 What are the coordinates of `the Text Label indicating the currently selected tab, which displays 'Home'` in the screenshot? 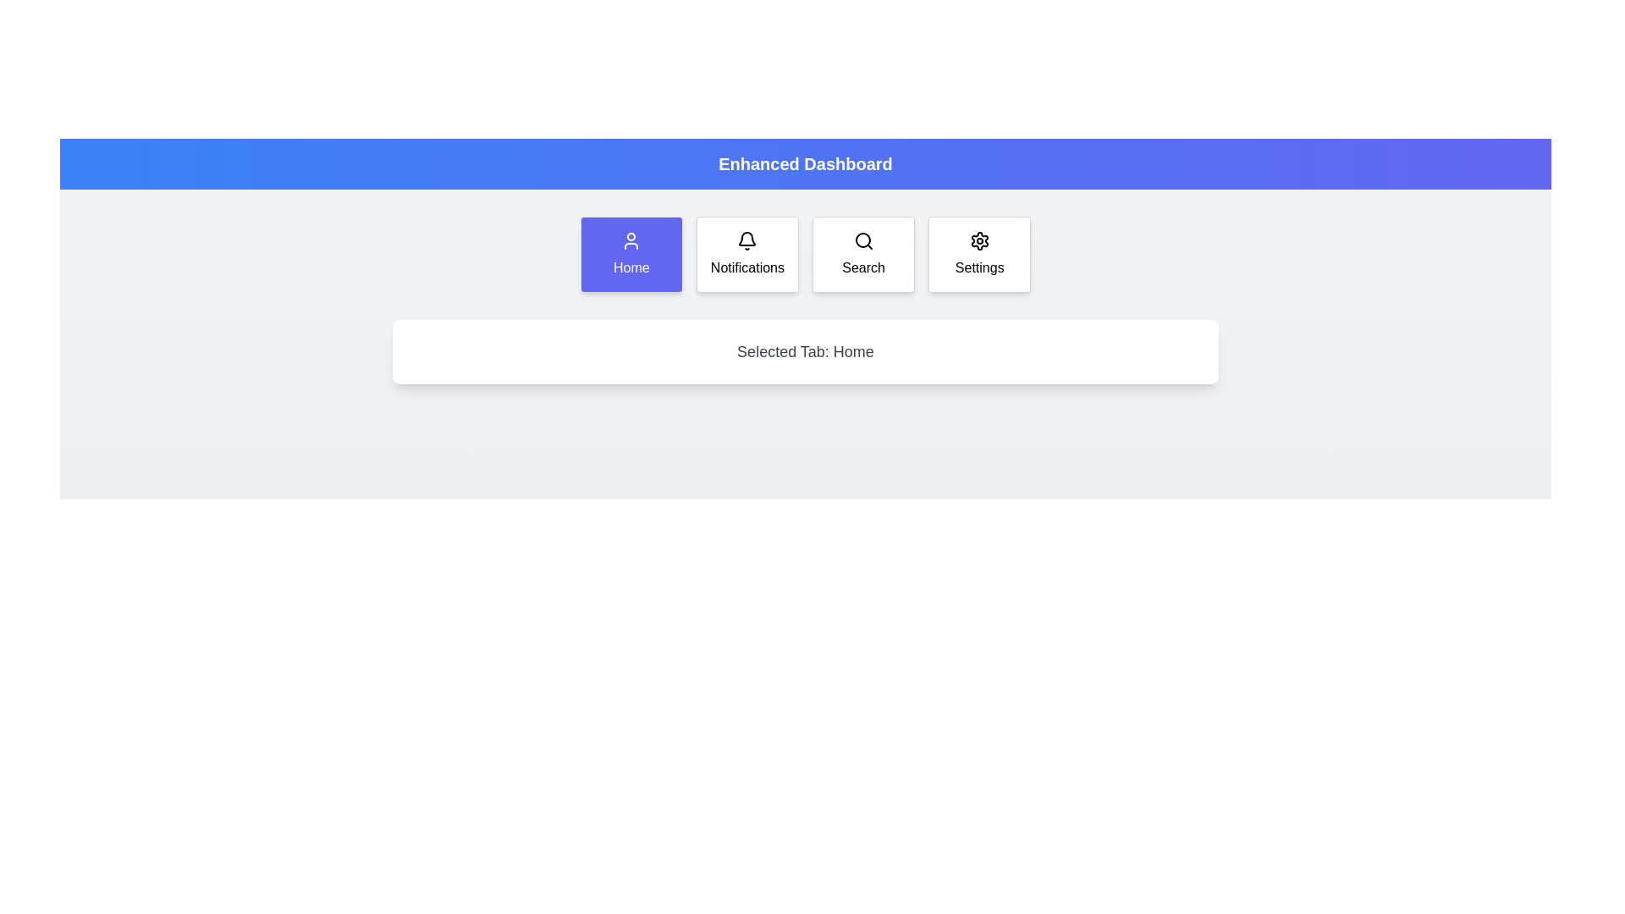 It's located at (804, 351).